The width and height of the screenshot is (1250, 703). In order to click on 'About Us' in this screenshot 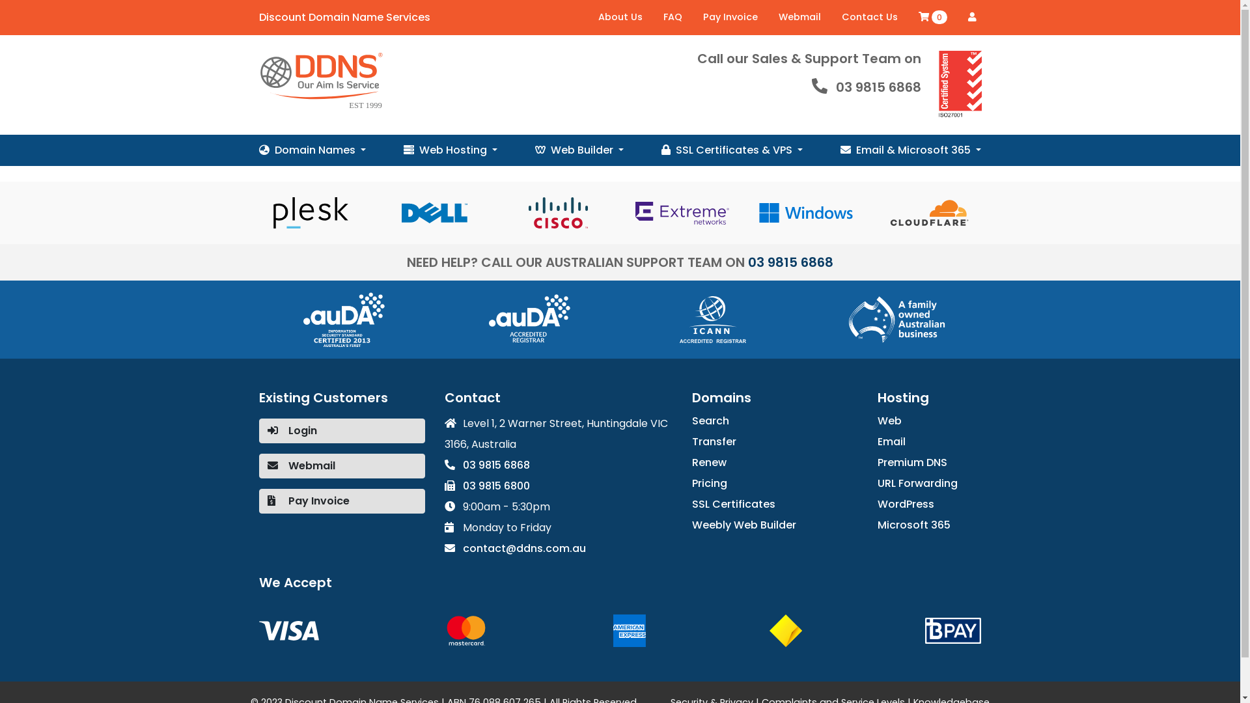, I will do `click(618, 18)`.